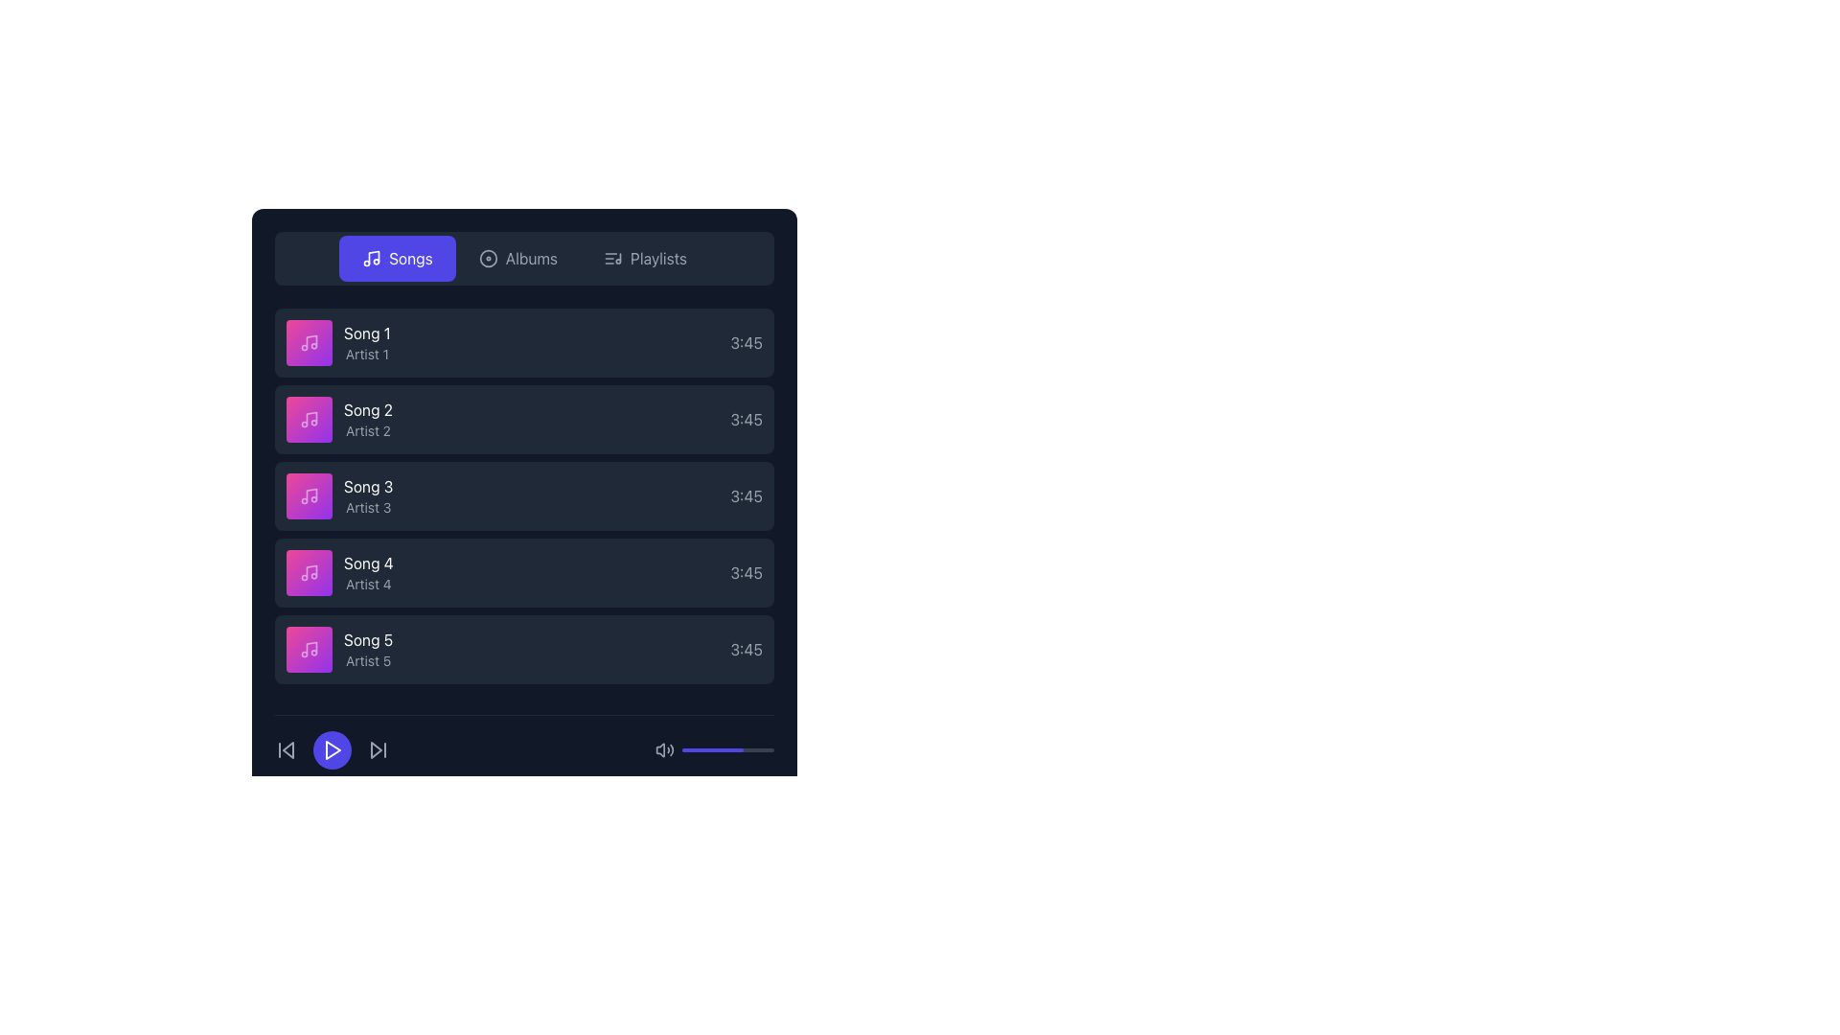  I want to click on the buttons within the Playback control bar located at the bottom of the interface, so click(524, 741).